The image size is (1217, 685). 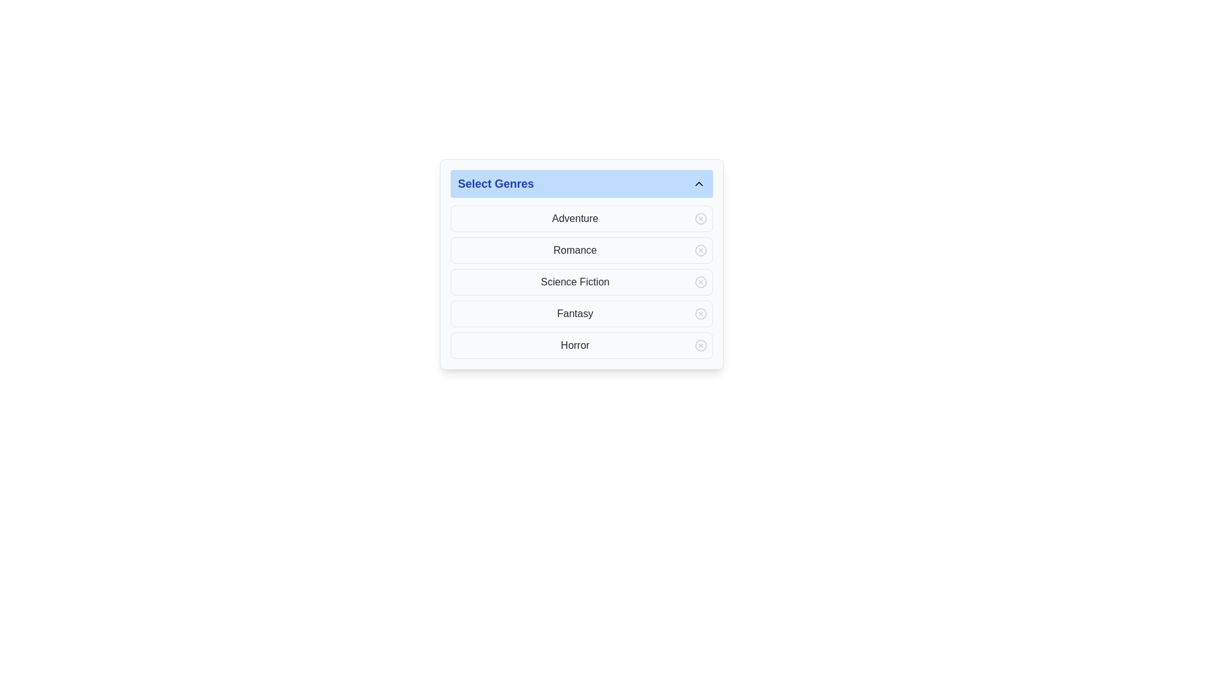 I want to click on the circular gray icon with a cross inside, located on the right side of the 'Adventure' list item, to deselect or remove the associated genre, so click(x=700, y=218).